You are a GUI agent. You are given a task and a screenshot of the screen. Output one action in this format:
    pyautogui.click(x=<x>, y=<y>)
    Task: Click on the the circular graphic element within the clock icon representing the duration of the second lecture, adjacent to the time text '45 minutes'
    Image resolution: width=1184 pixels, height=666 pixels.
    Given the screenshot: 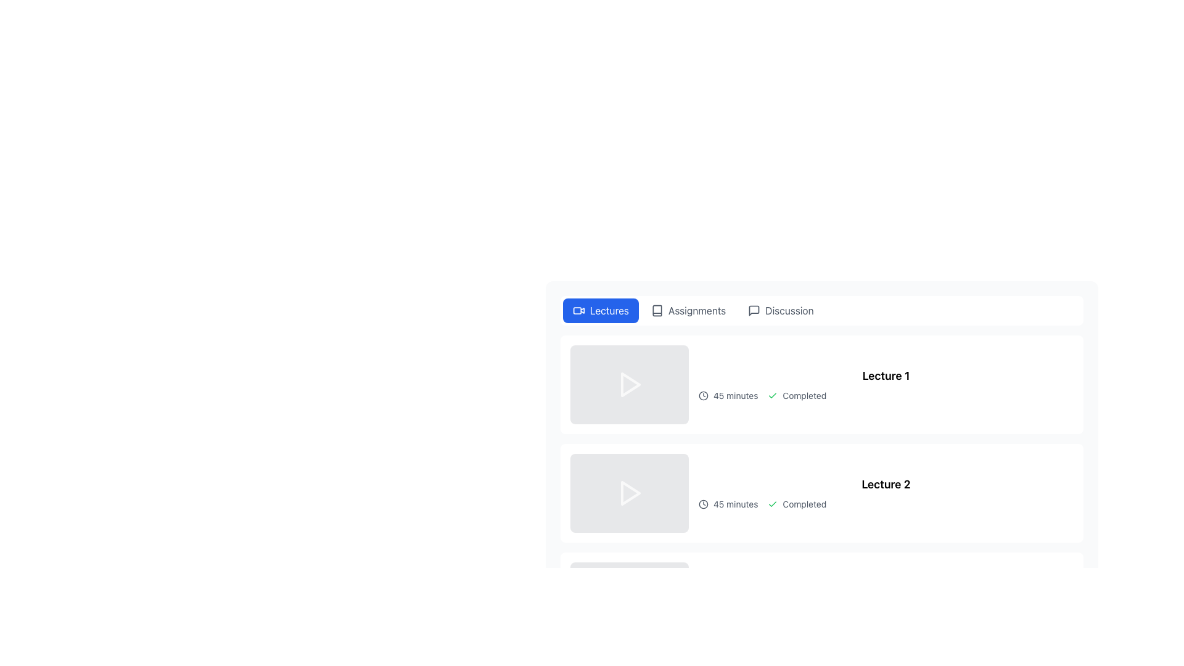 What is the action you would take?
    pyautogui.click(x=704, y=504)
    